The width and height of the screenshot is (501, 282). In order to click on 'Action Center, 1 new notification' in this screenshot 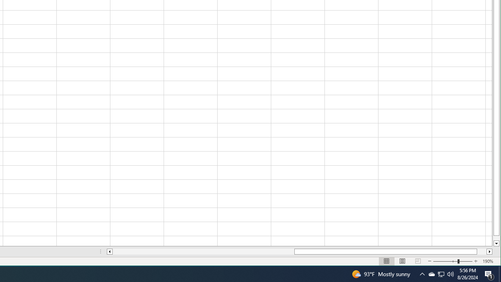, I will do `click(489, 273)`.